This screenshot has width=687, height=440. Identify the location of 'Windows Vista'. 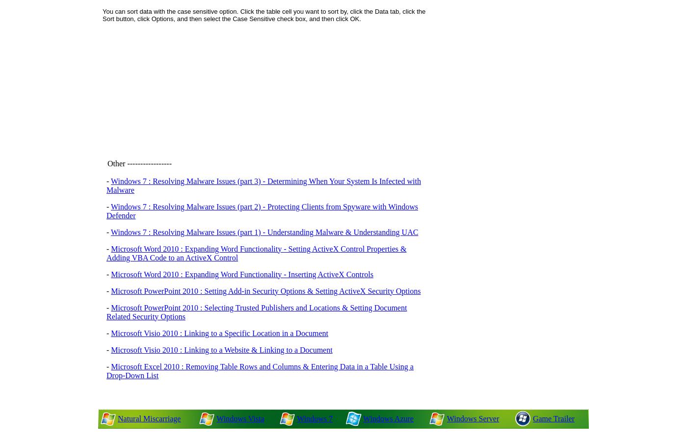
(216, 418).